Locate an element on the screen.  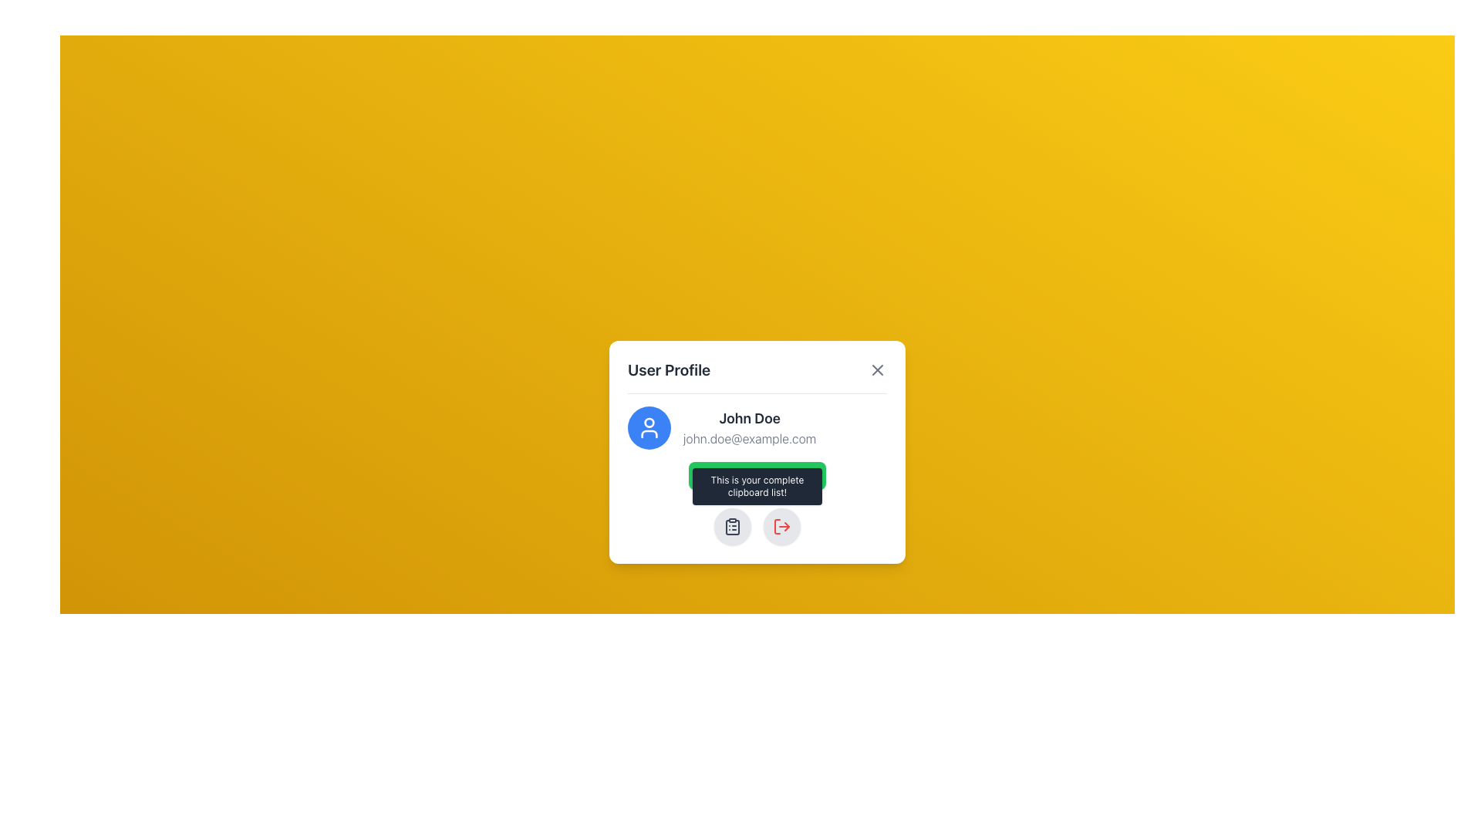
the tooltip or informational message located below the email address 'john.doe@example.com' in the user profile dialog box is located at coordinates (757, 484).